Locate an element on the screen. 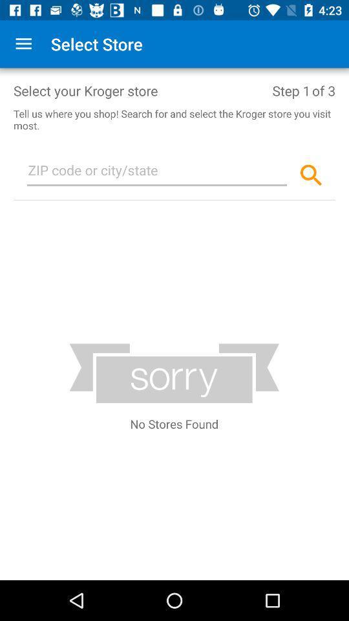  the icon to the left of the select store icon is located at coordinates (23, 44).